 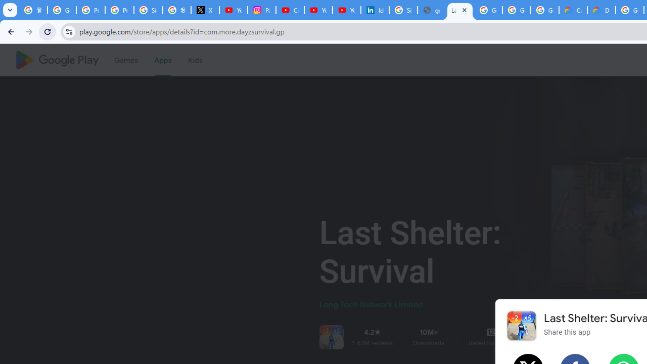 What do you see at coordinates (119, 10) in the screenshot?
I see `'Privacy Help Center - Policies Help'` at bounding box center [119, 10].